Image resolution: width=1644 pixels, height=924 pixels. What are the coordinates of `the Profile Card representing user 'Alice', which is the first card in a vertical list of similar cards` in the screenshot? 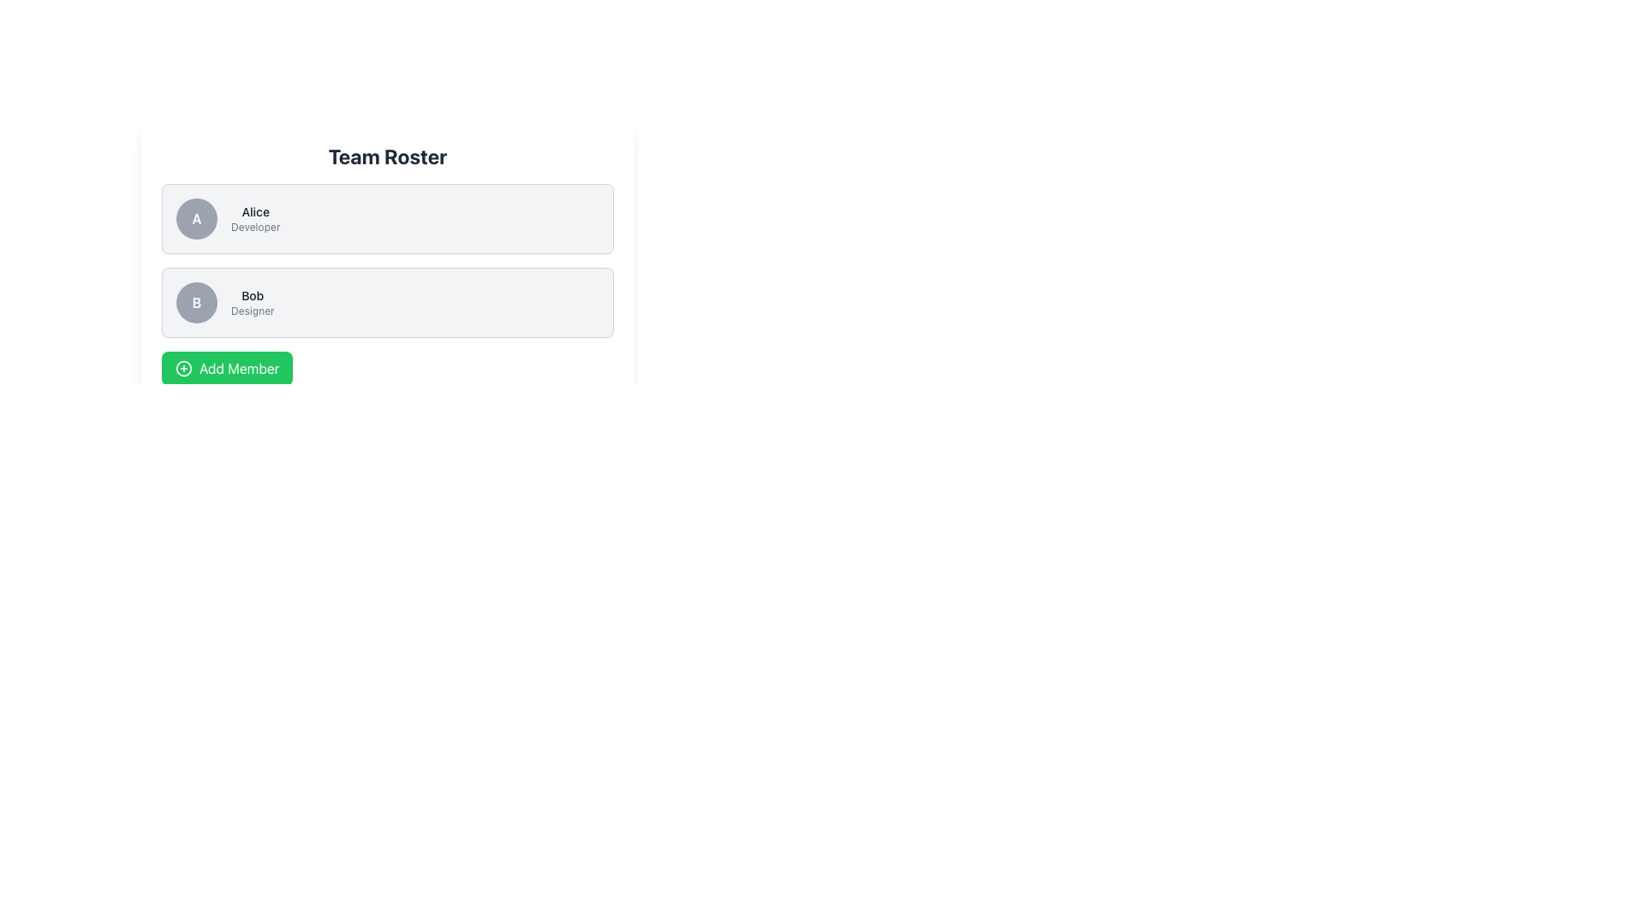 It's located at (386, 217).